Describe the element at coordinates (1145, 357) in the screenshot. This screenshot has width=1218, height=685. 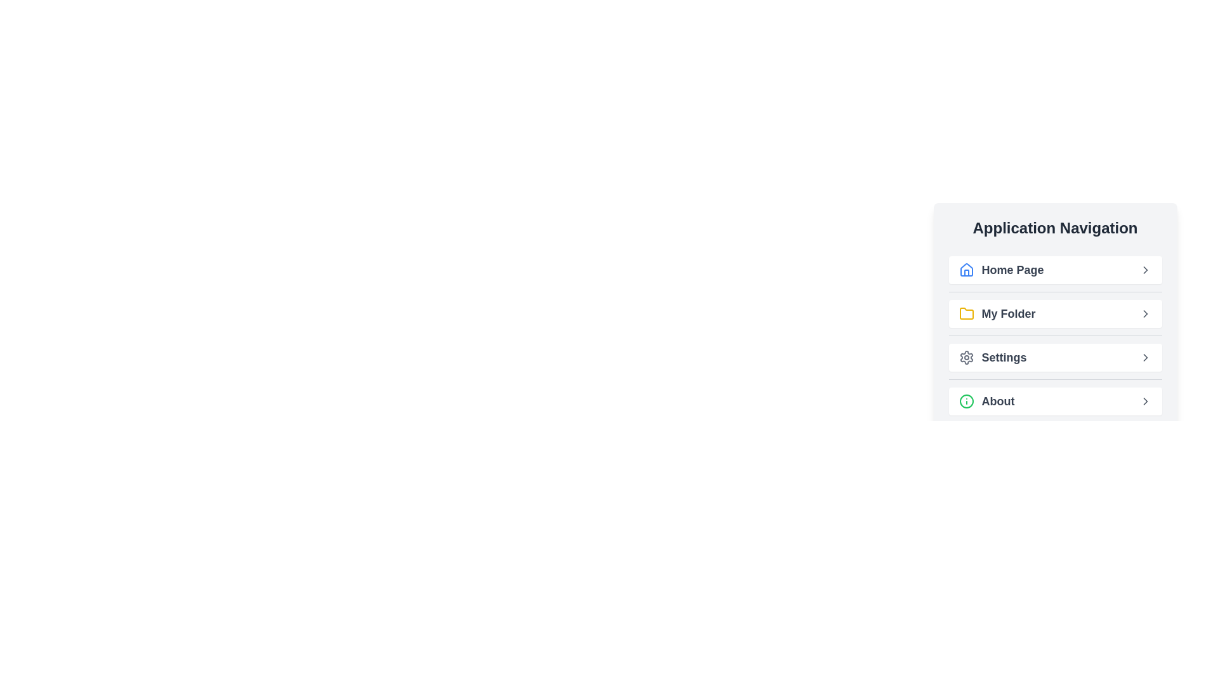
I see `the Chevron Icon located at the far-right of the 'Settings' row in the 'Application Navigation' menu, which indicates a forward navigation option to the settings page` at that location.